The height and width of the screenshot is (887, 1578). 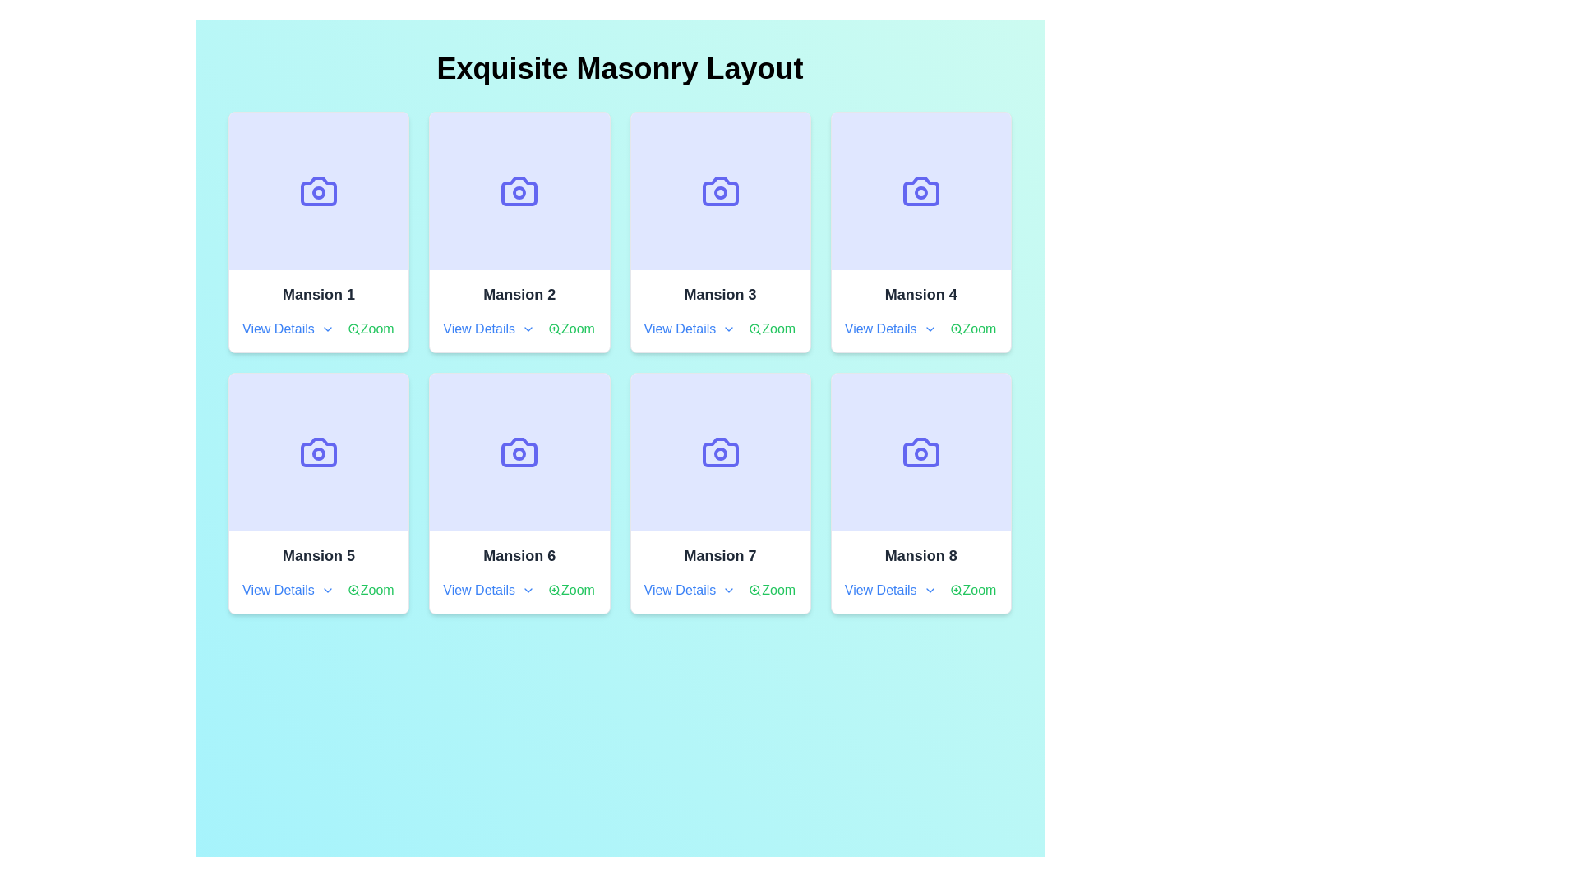 I want to click on static text 'Mansion 6' displayed in bold dark gray font on the second card of the bottom row in the 3x3 grid of property cards, so click(x=519, y=555).